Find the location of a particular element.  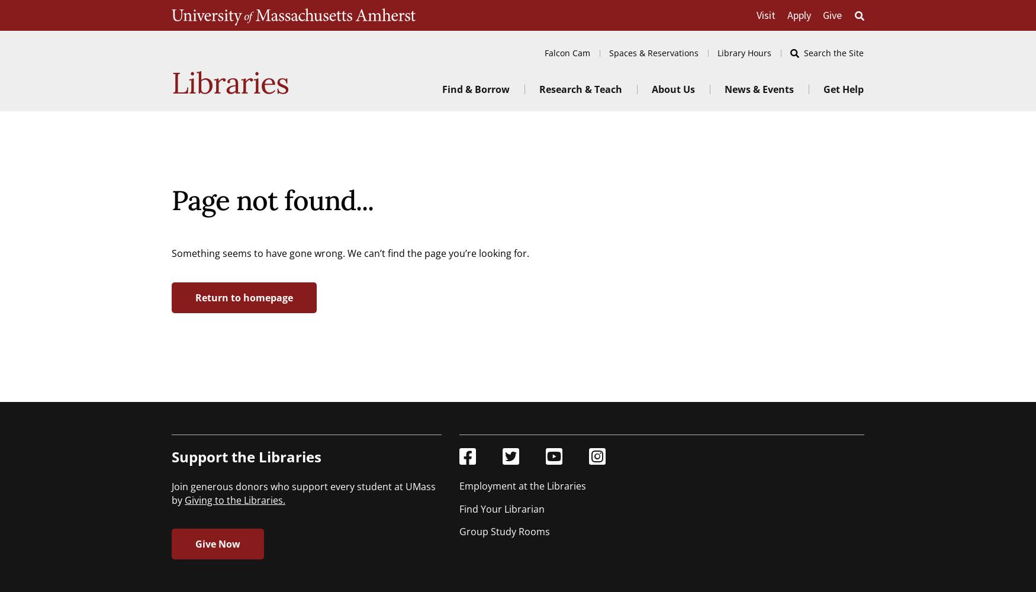

'Join generous donors who support every student at UMass by' is located at coordinates (170, 492).